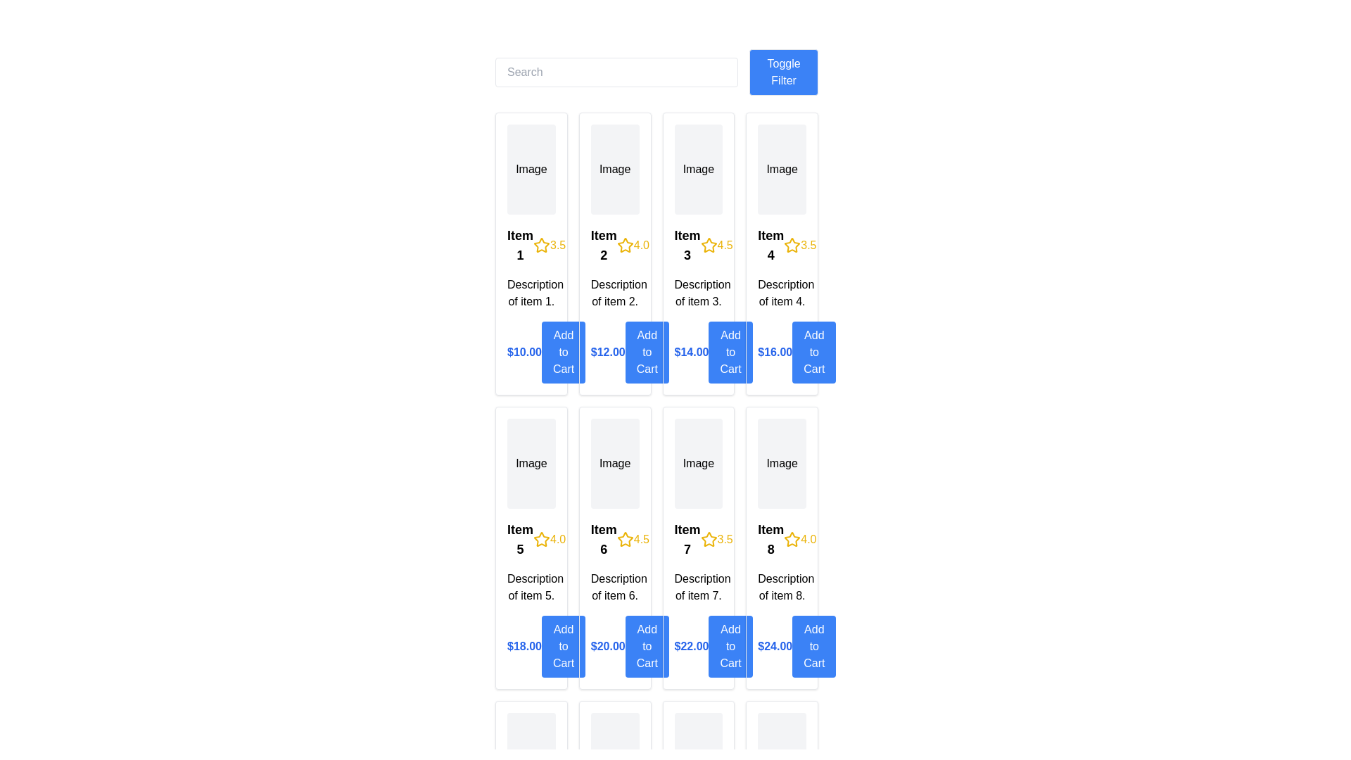  Describe the element at coordinates (540, 244) in the screenshot. I see `the five-pointed star icon outlined in yellow, which is part of the rating display for 'Item 1' in the top-left quadrant of the interface` at that location.